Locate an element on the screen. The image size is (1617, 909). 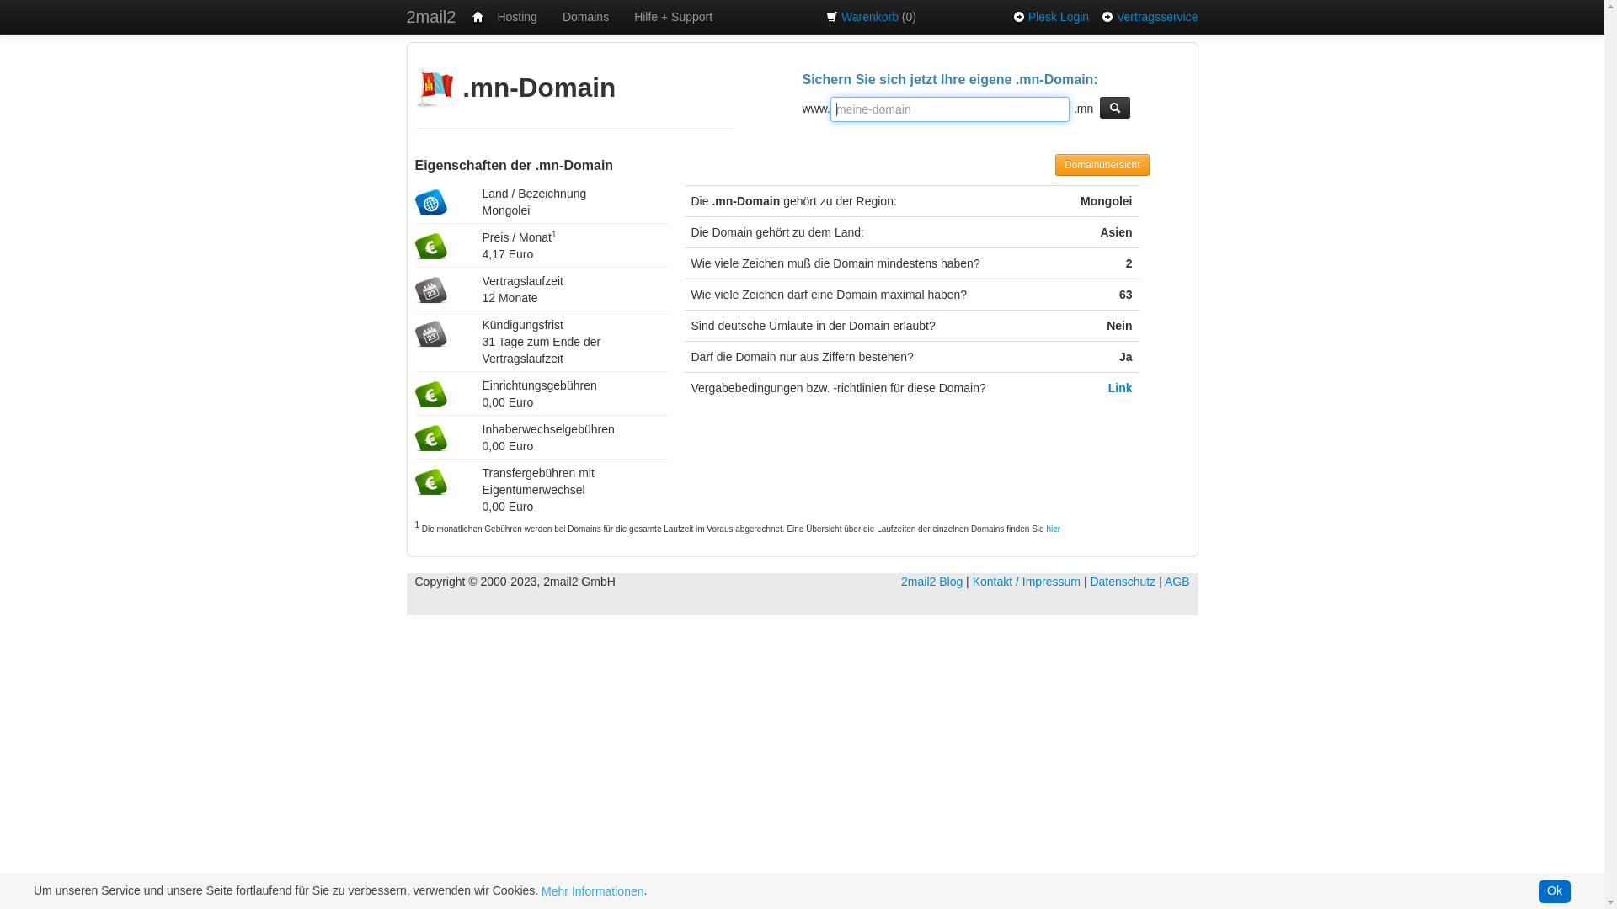
'Kontakt / Impressum' is located at coordinates (973, 580).